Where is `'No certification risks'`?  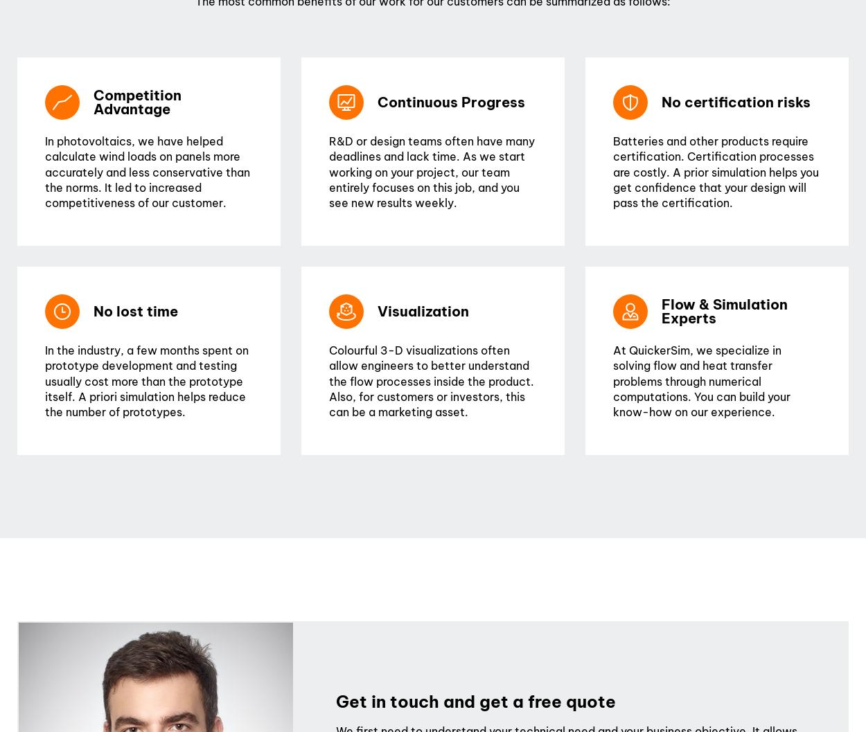
'No certification risks' is located at coordinates (736, 100).